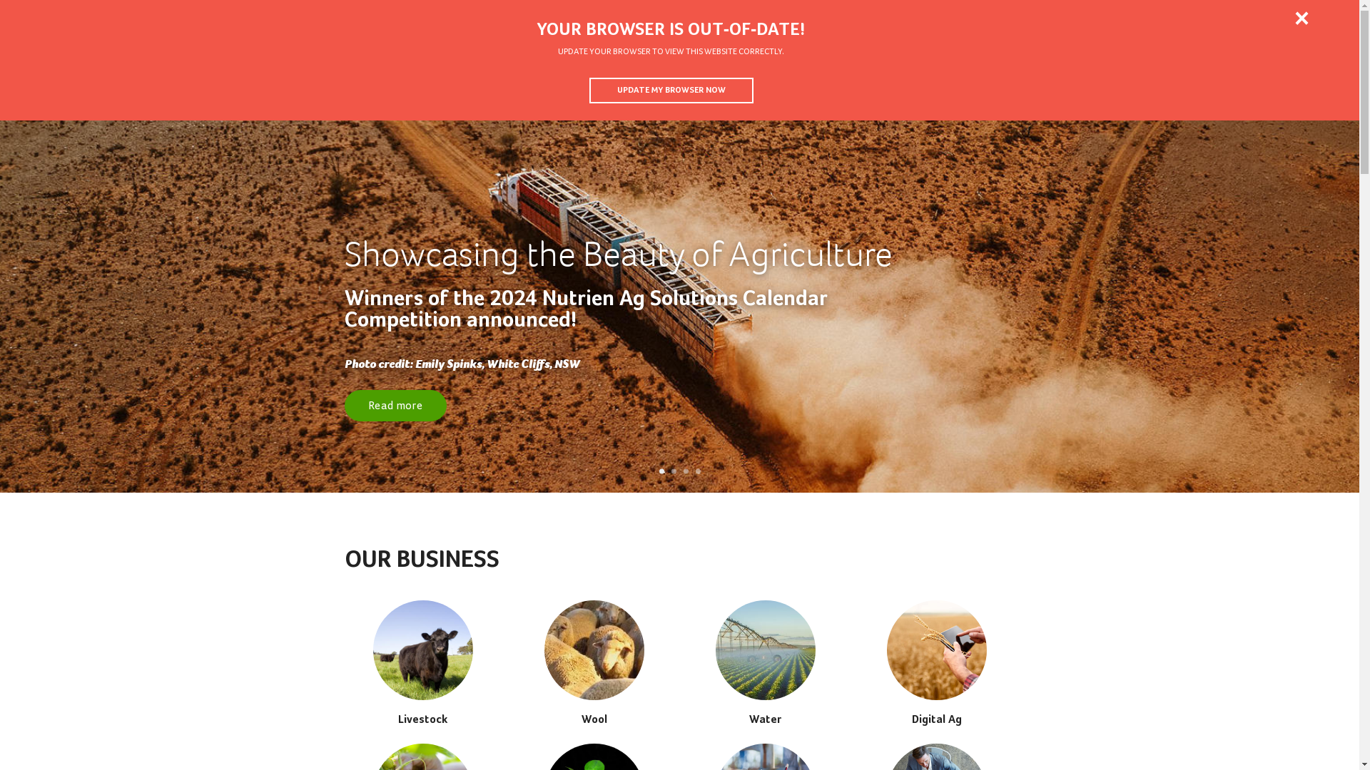  What do you see at coordinates (421, 662) in the screenshot?
I see `'Livestock'` at bounding box center [421, 662].